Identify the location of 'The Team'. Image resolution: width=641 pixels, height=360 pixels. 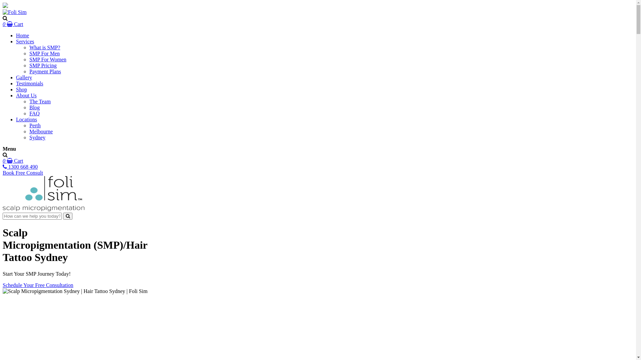
(29, 101).